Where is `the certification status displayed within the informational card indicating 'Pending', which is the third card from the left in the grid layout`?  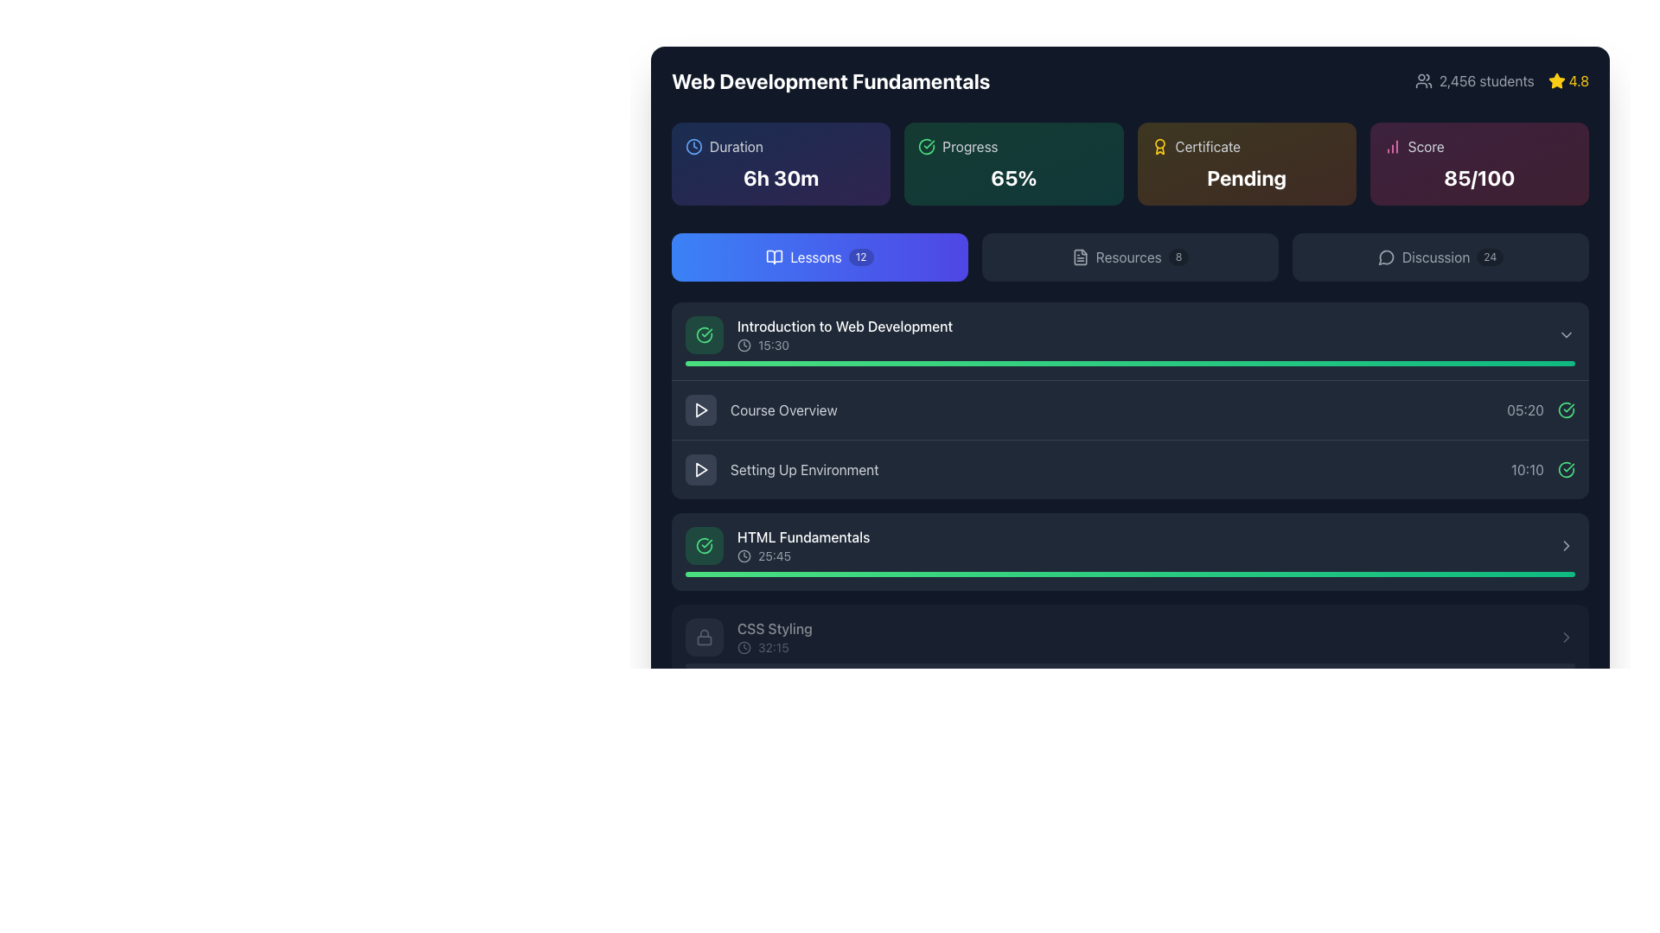
the certification status displayed within the informational card indicating 'Pending', which is the third card from the left in the grid layout is located at coordinates (1247, 163).